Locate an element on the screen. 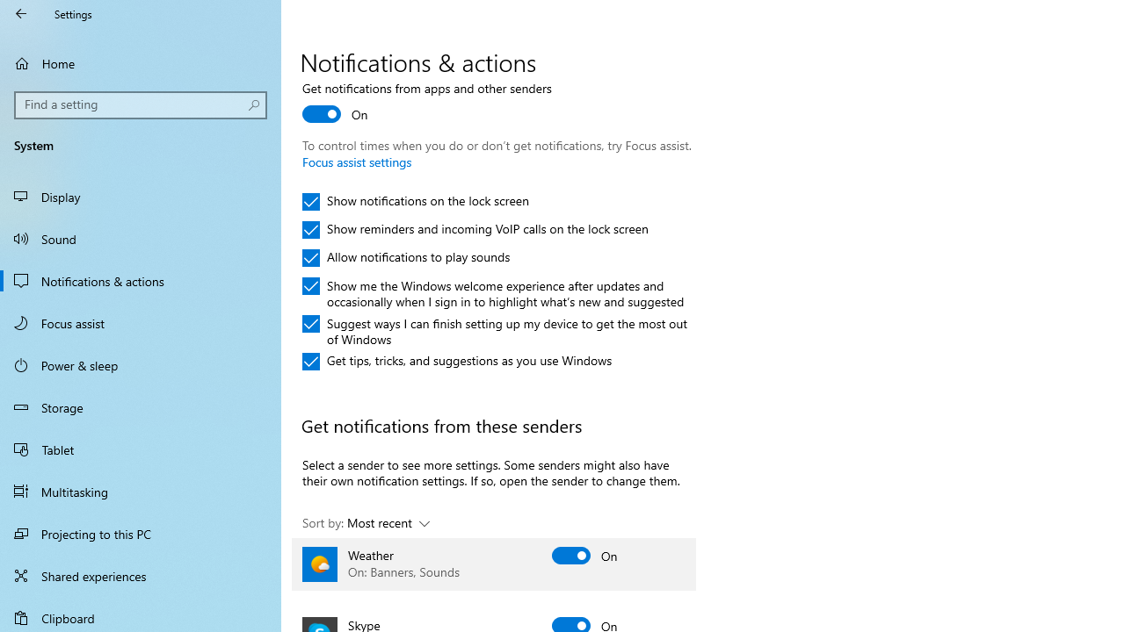 This screenshot has width=1125, height=632. 'Storage' is located at coordinates (141, 407).